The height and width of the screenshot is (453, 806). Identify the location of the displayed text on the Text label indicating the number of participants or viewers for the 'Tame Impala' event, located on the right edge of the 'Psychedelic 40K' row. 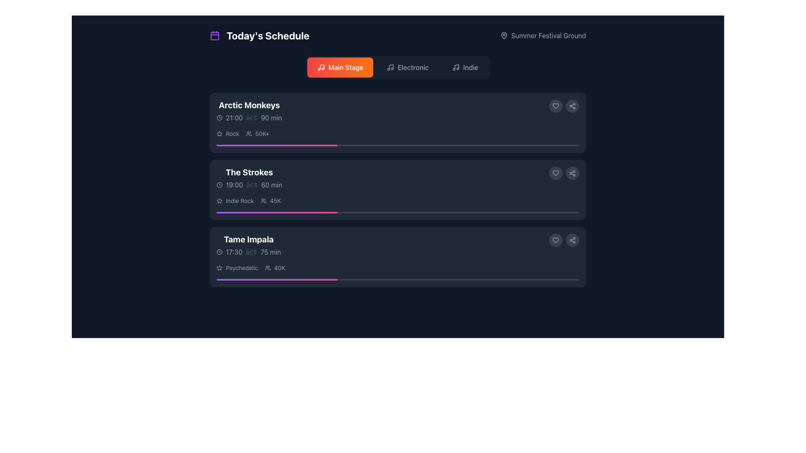
(275, 268).